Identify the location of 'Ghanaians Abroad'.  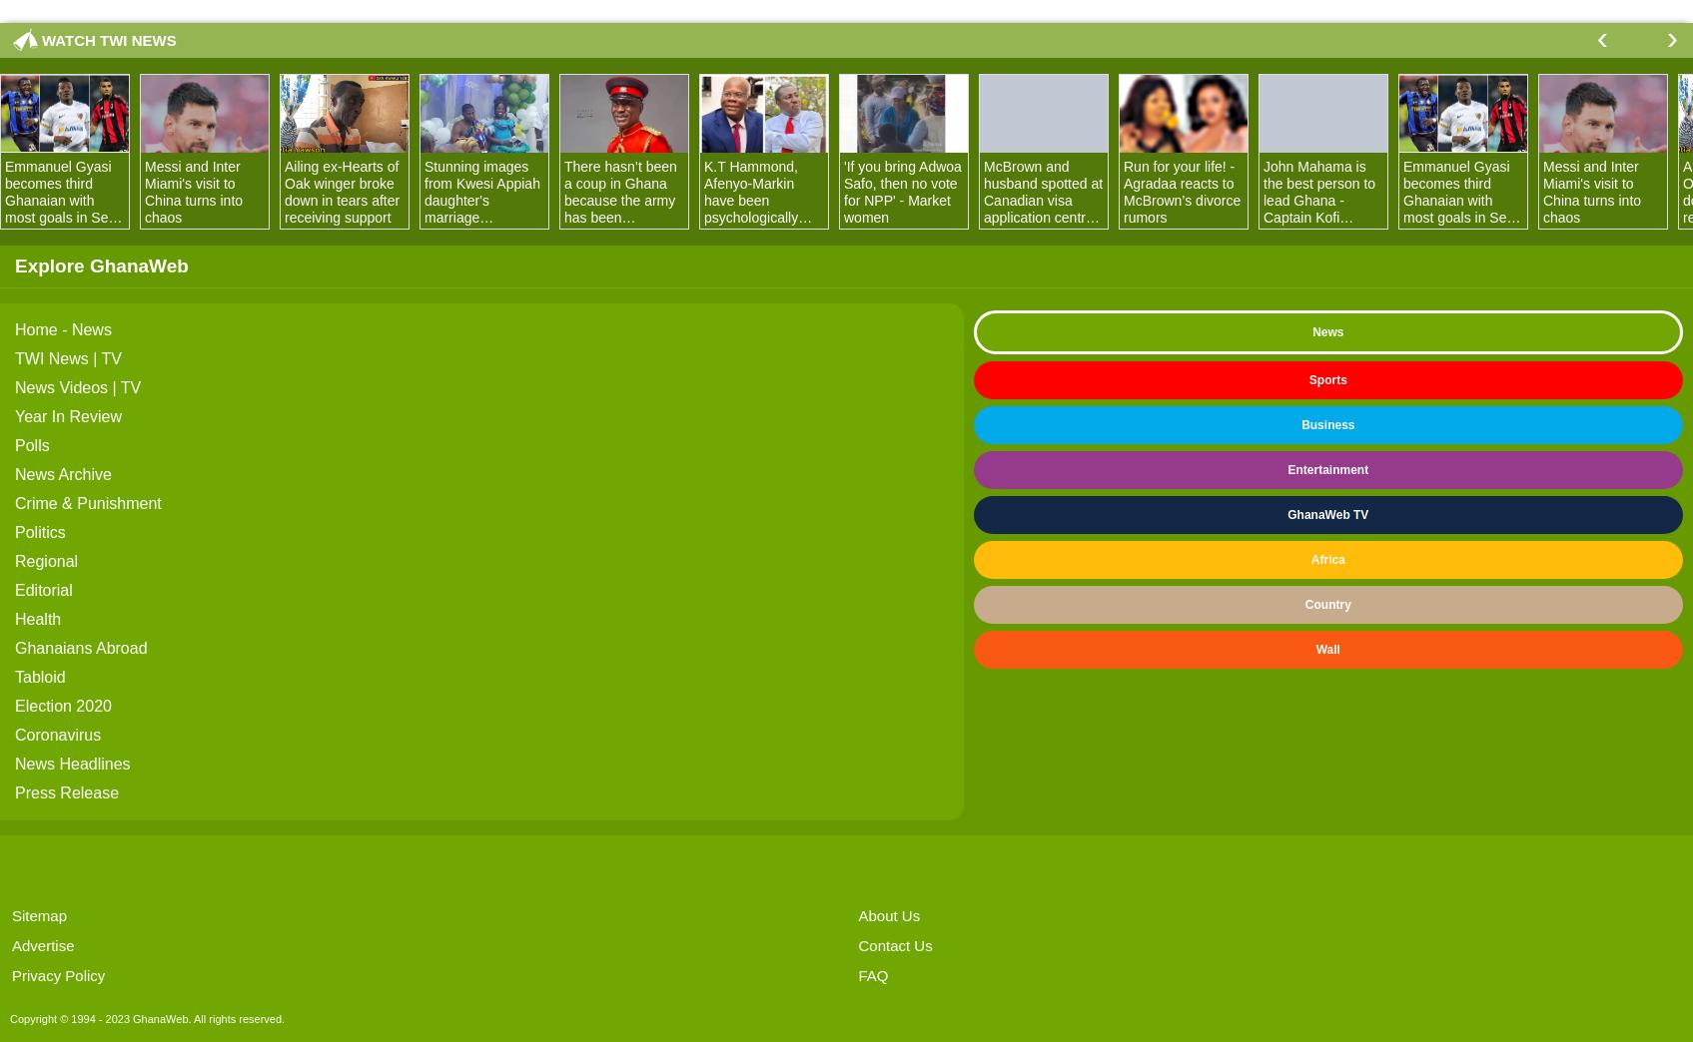
(80, 648).